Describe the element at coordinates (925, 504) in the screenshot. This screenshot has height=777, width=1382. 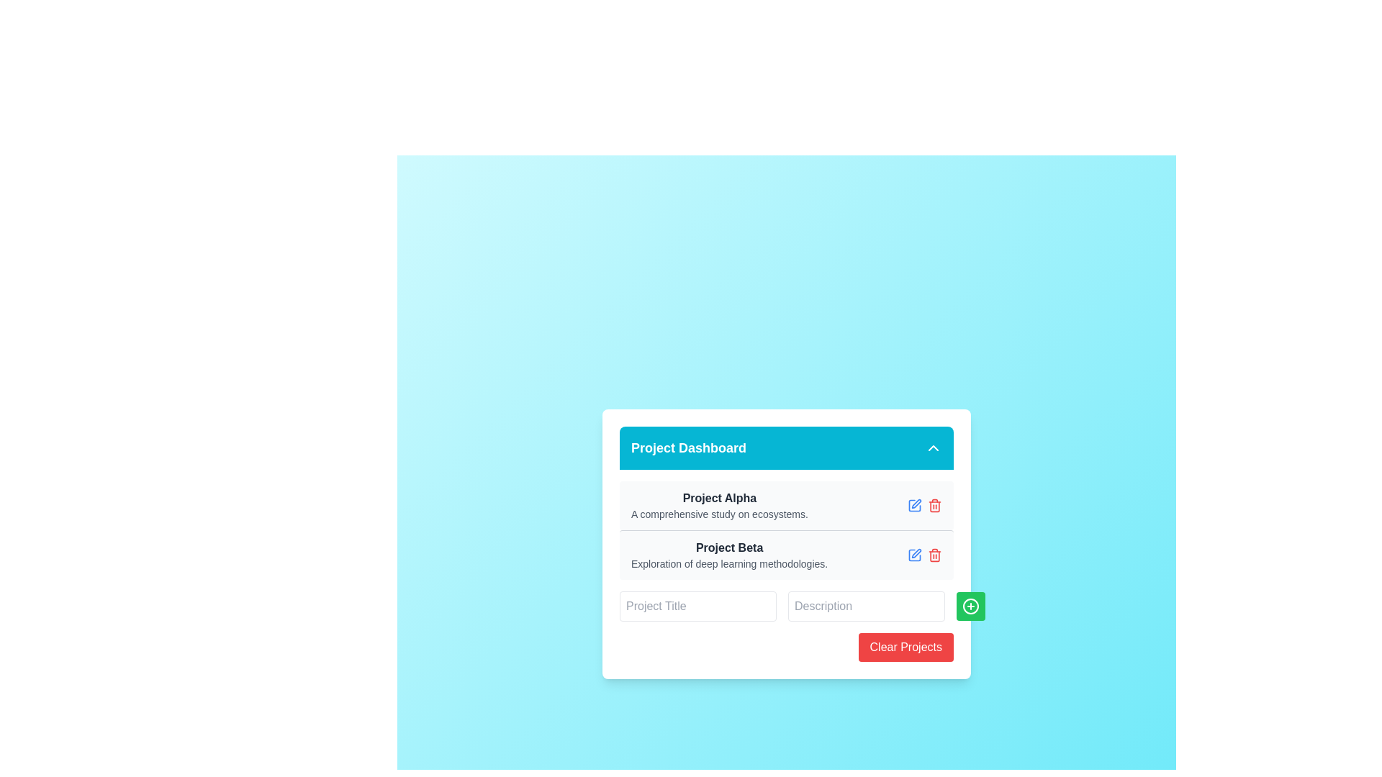
I see `the interactive group containing buttons or icons related to 'Project Alpha'` at that location.